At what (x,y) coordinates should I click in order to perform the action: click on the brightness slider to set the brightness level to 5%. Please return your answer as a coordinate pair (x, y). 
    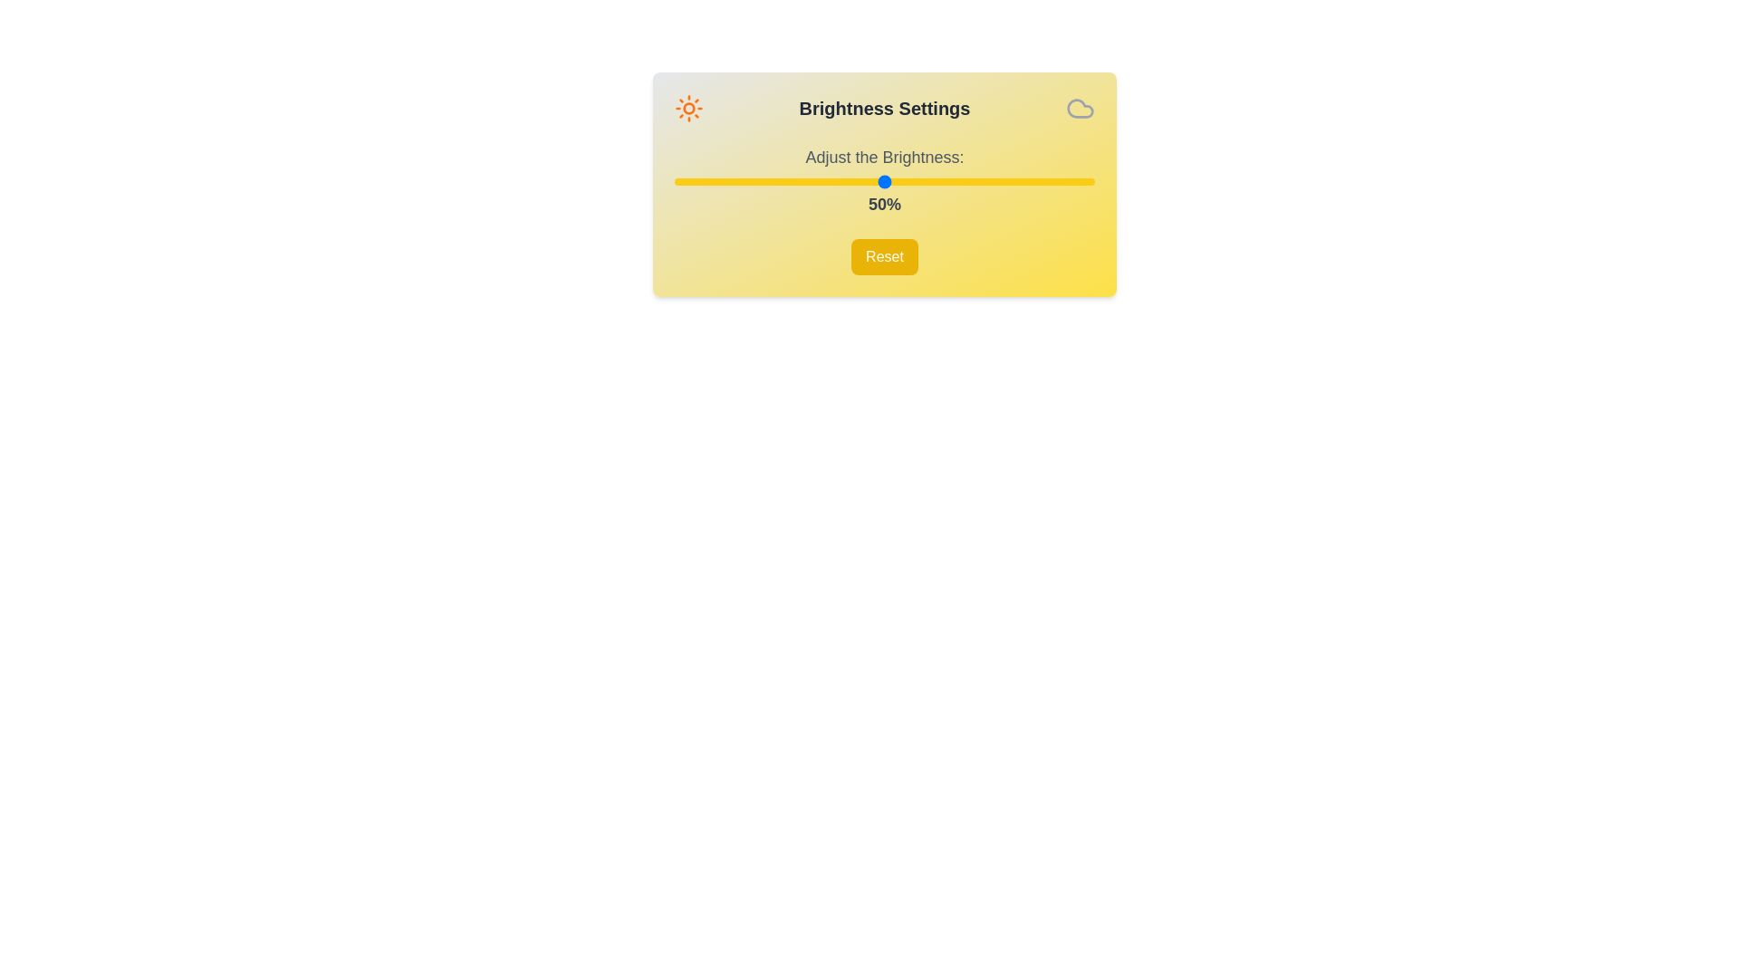
    Looking at the image, I should click on (695, 181).